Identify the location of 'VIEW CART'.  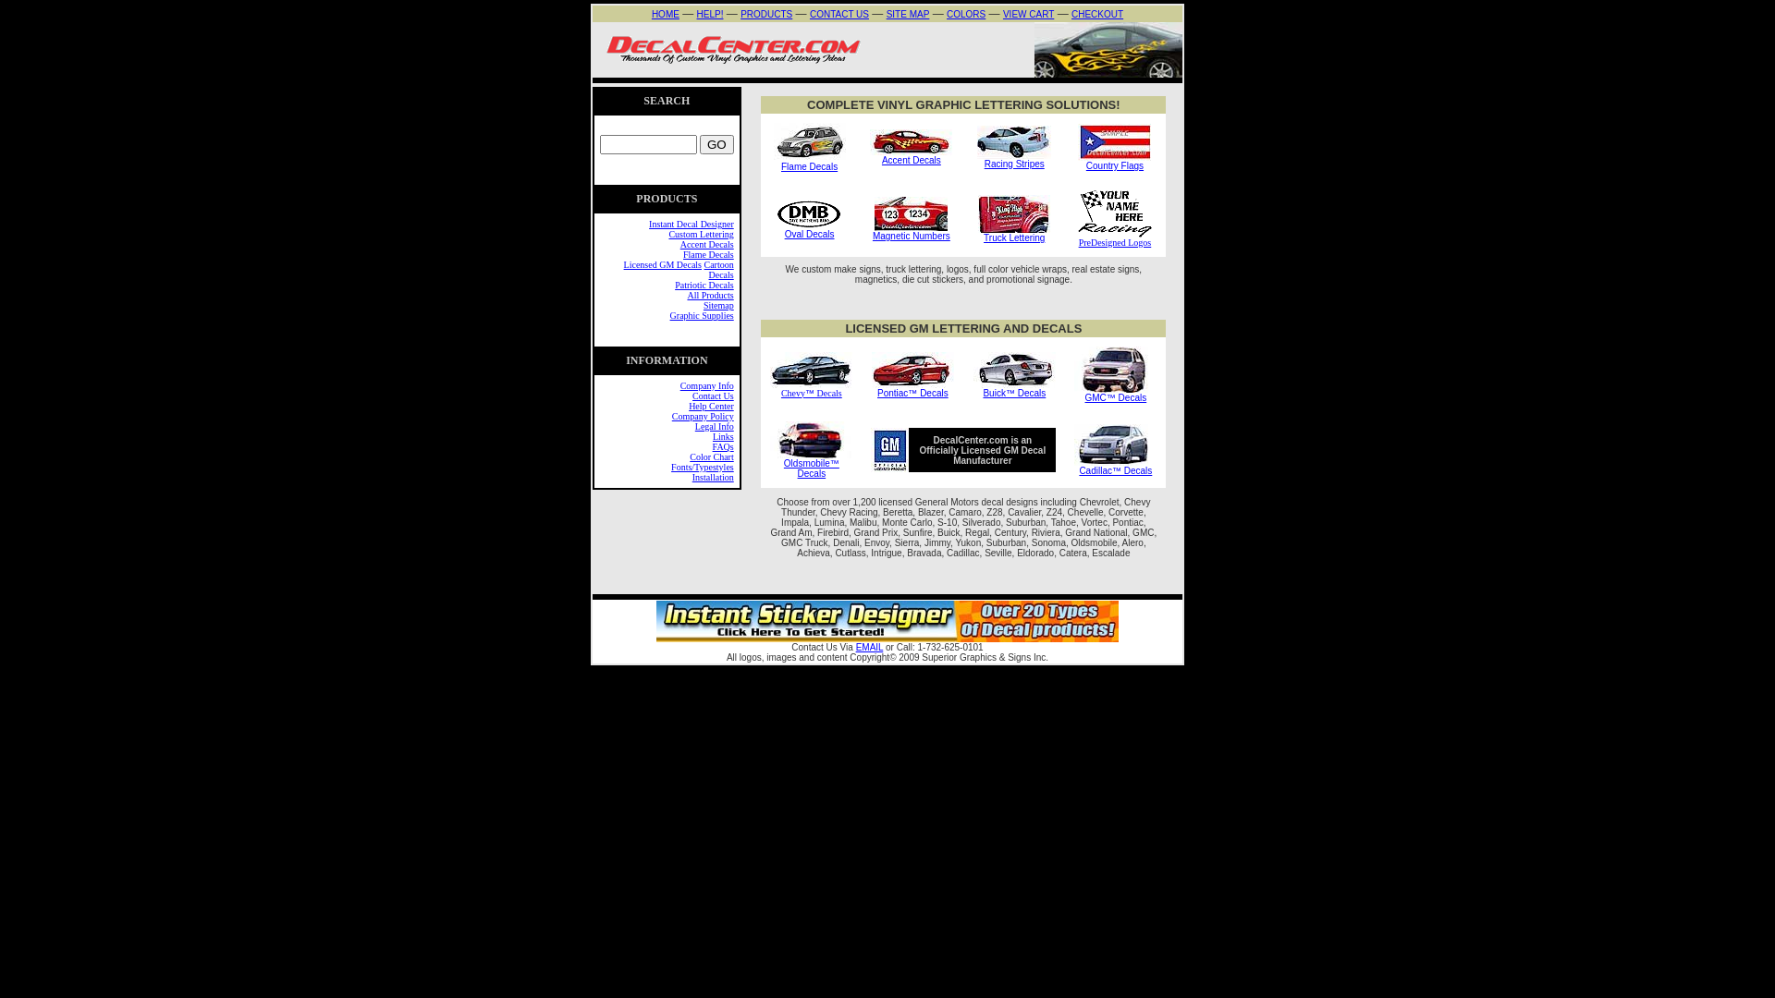
(1027, 14).